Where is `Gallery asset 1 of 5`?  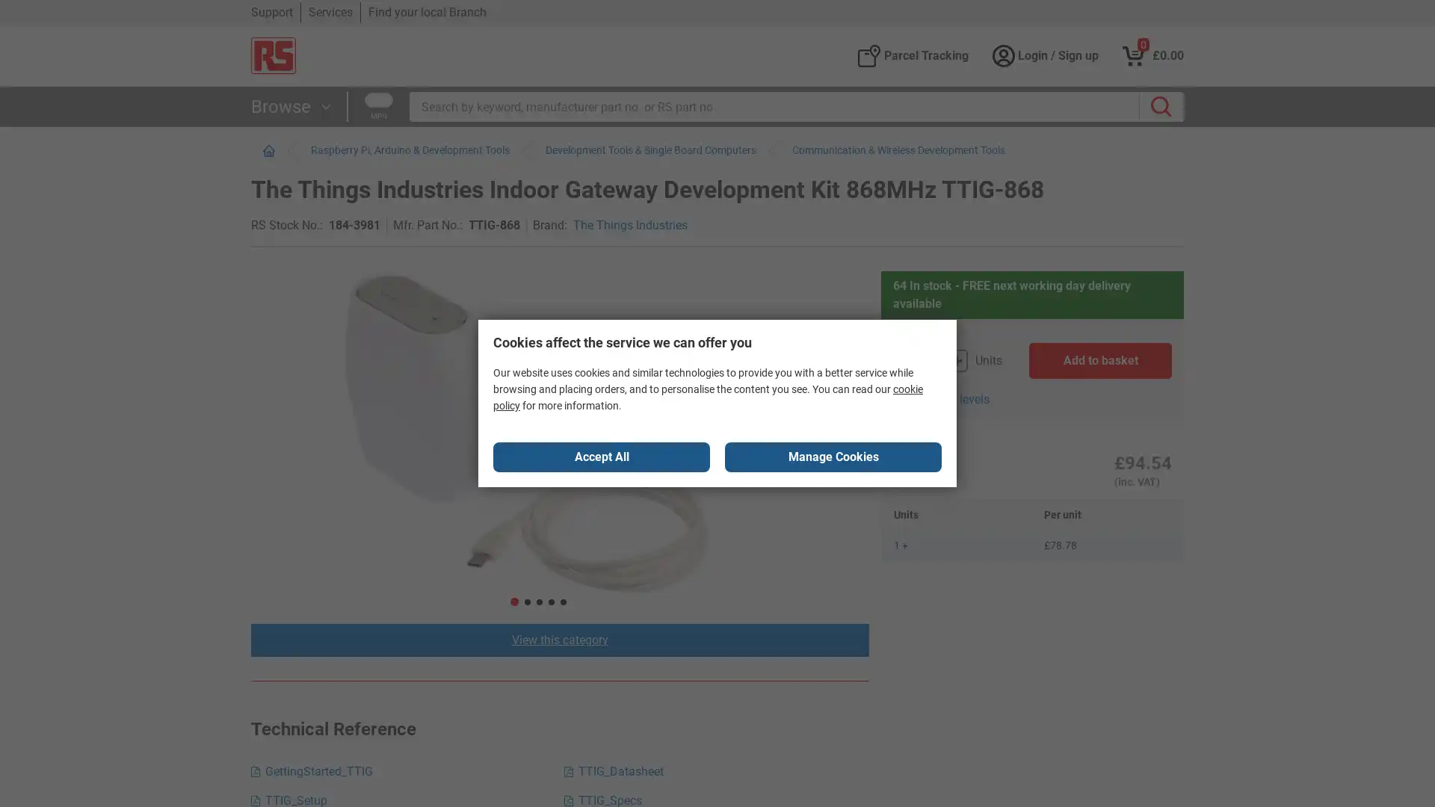
Gallery asset 1 of 5 is located at coordinates (293, 324).